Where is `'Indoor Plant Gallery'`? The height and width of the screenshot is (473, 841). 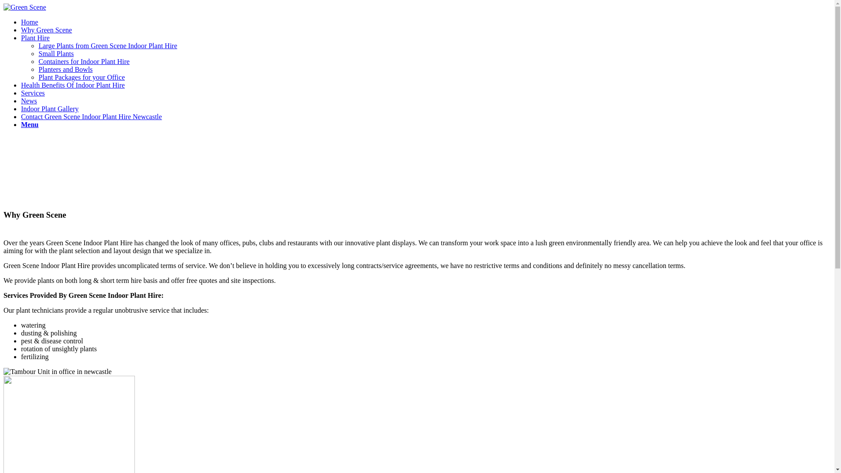
'Indoor Plant Gallery' is located at coordinates (21, 108).